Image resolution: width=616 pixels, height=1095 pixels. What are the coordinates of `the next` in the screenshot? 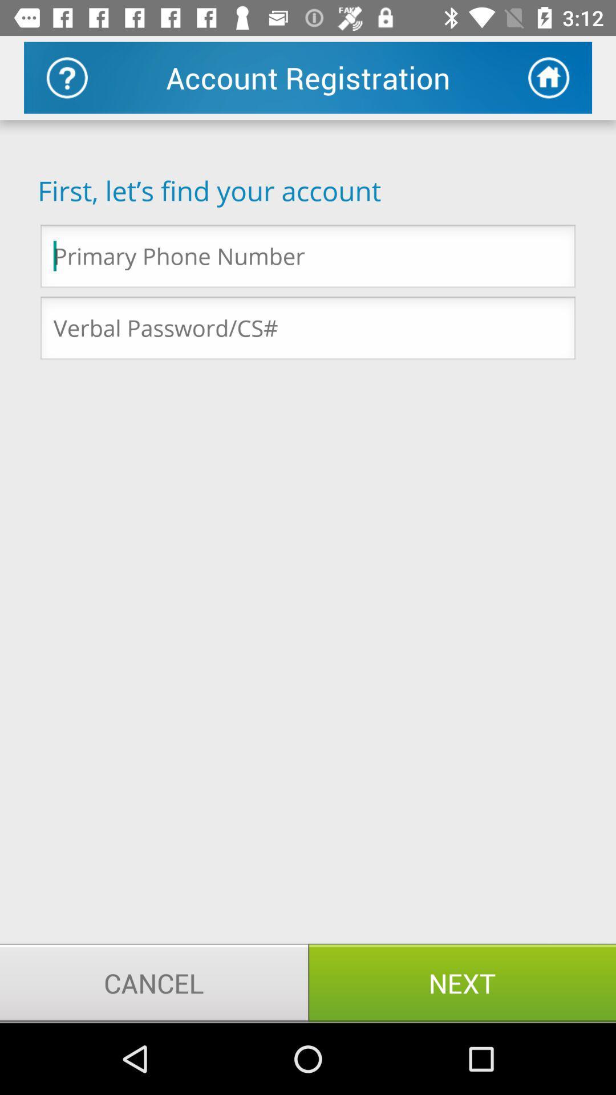 It's located at (462, 982).